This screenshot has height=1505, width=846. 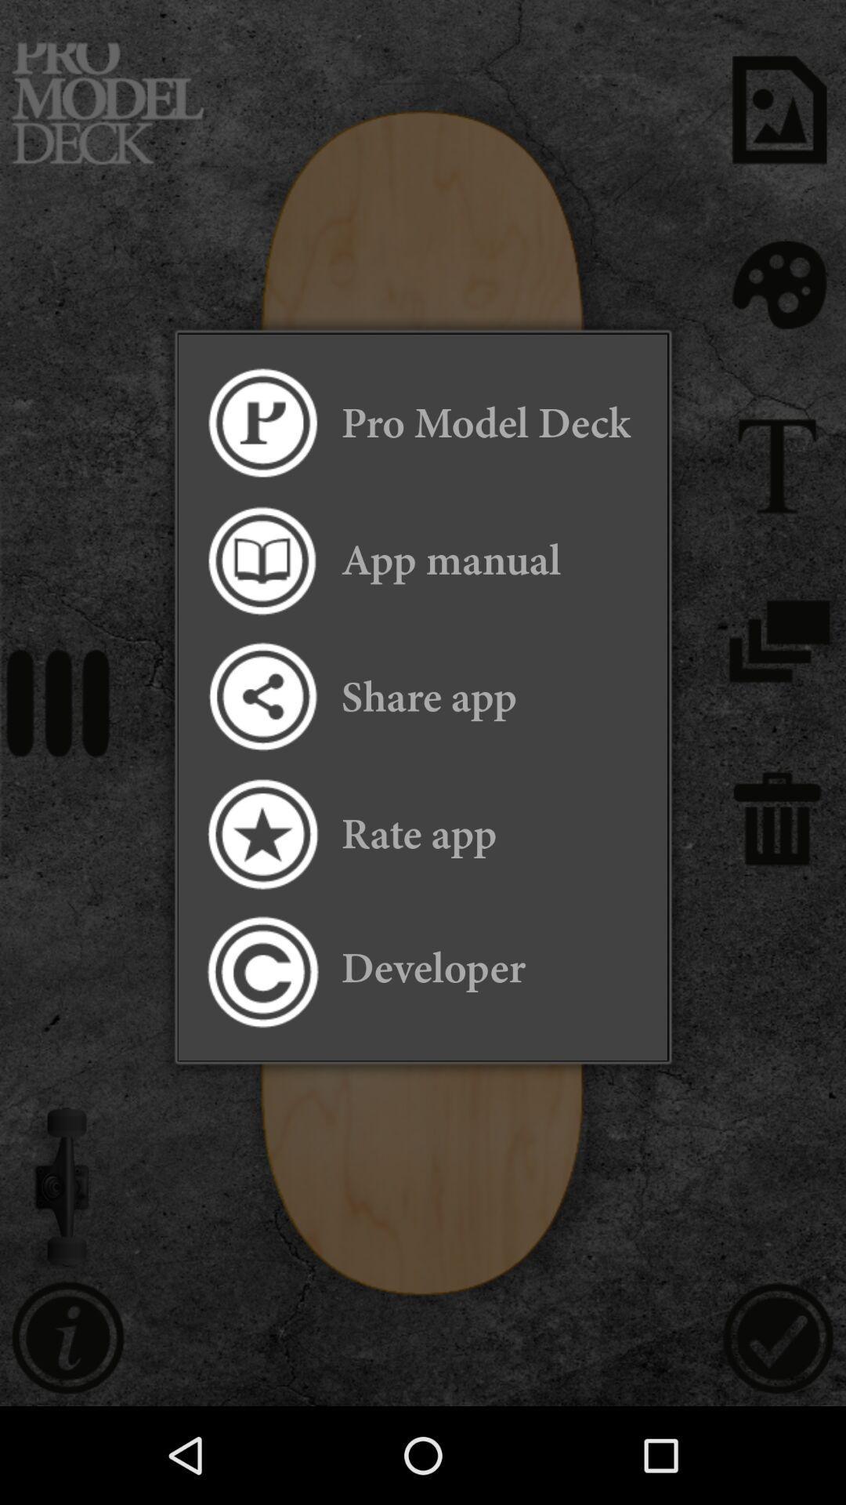 I want to click on share the app, so click(x=261, y=696).